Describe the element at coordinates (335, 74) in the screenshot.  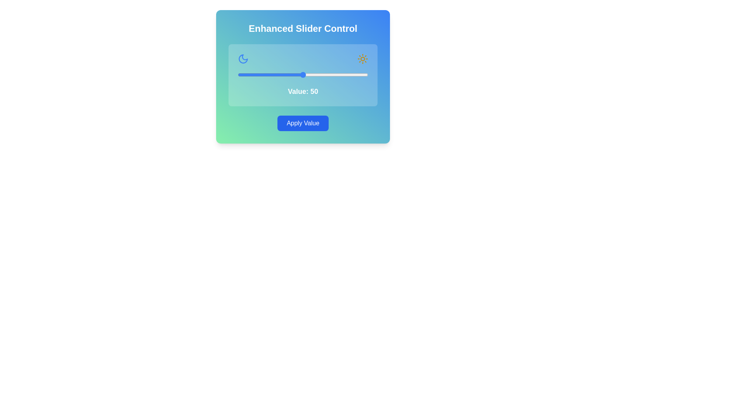
I see `the slider` at that location.